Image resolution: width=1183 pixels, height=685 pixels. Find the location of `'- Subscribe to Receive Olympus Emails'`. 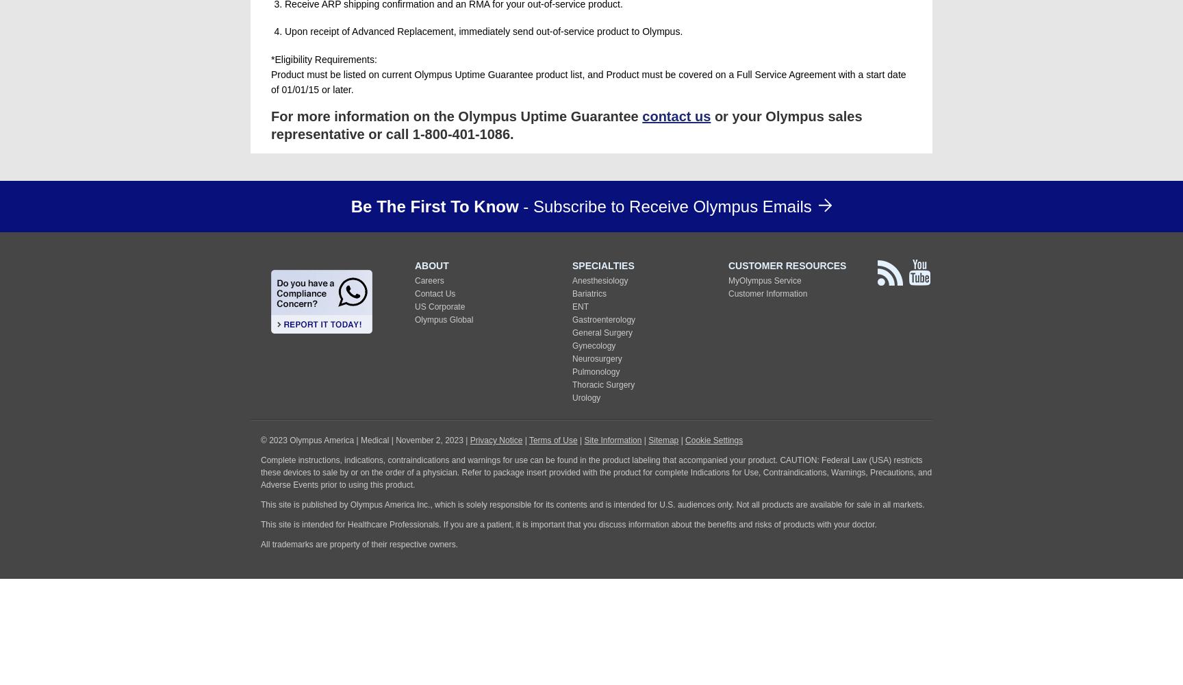

'- Subscribe to Receive Olympus Emails' is located at coordinates (664, 206).